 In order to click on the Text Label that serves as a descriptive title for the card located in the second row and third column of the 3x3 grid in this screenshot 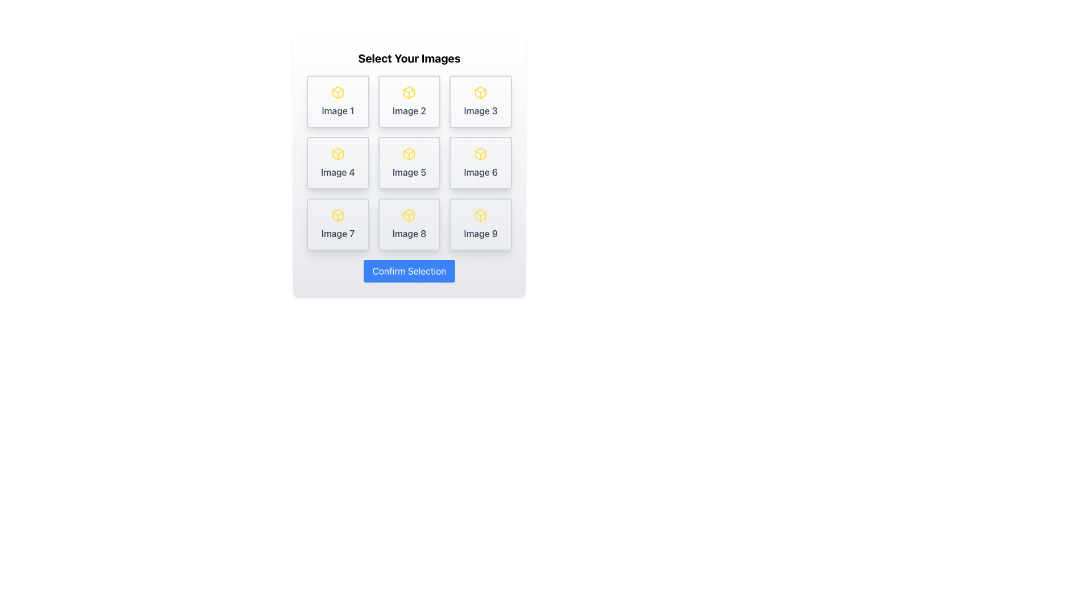, I will do `click(409, 233)`.